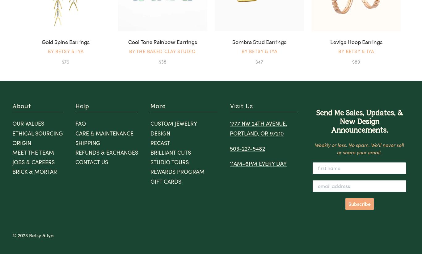 Image resolution: width=422 pixels, height=254 pixels. Describe the element at coordinates (158, 106) in the screenshot. I see `'More'` at that location.